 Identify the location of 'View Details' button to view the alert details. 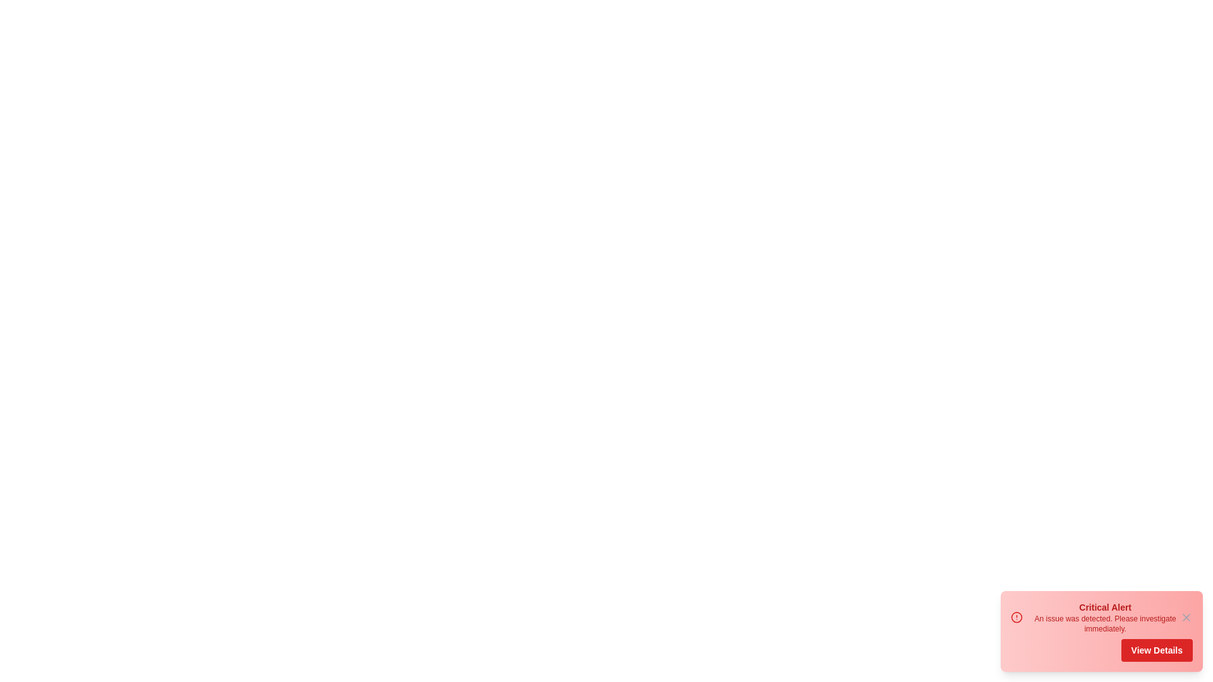
(1156, 650).